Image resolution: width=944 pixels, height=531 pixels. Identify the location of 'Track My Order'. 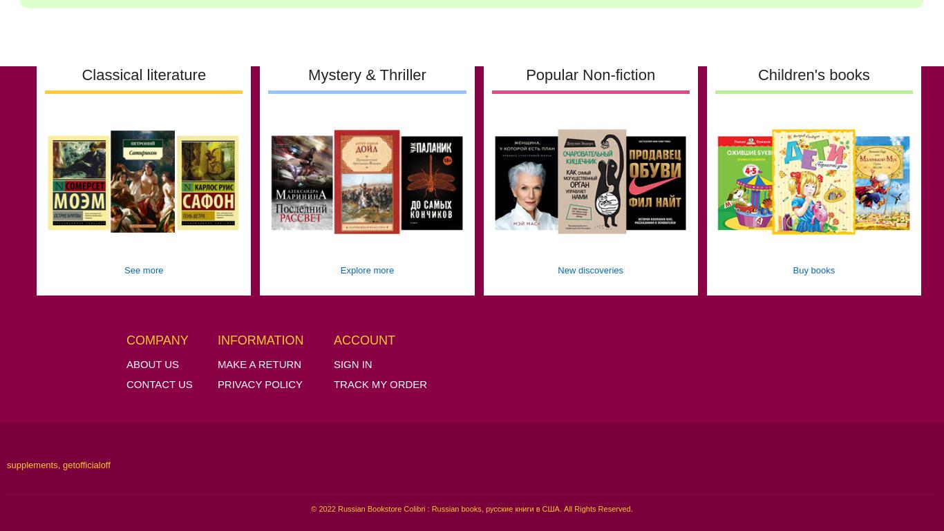
(380, 383).